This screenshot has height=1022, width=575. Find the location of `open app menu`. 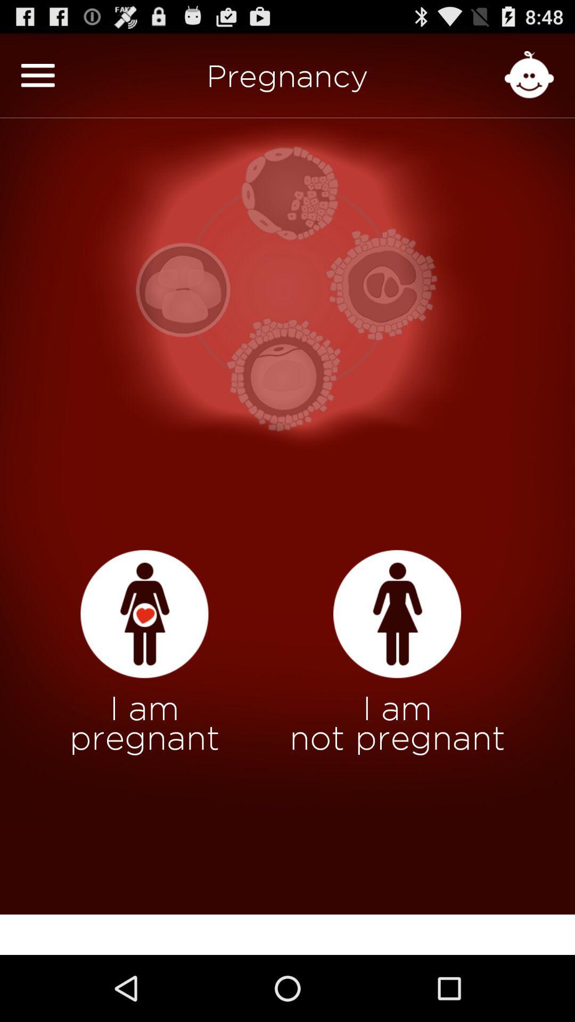

open app menu is located at coordinates (37, 75).